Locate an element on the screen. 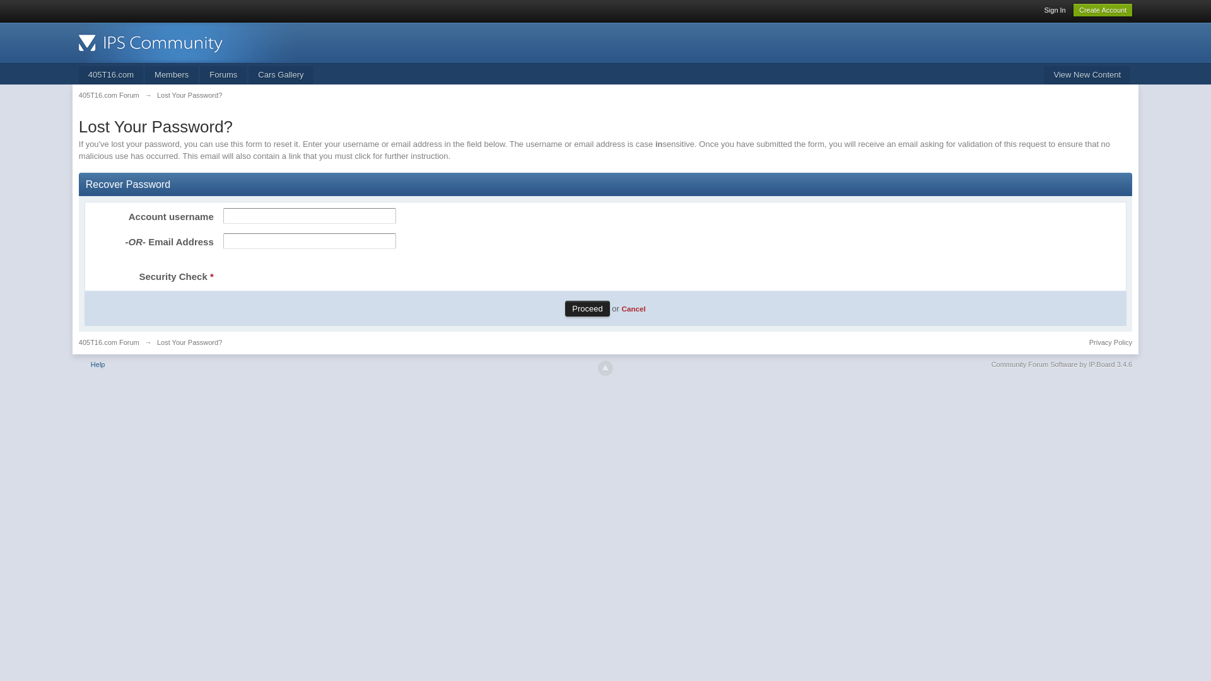 The width and height of the screenshot is (1211, 681). 'Cars Gallery' is located at coordinates (280, 75).